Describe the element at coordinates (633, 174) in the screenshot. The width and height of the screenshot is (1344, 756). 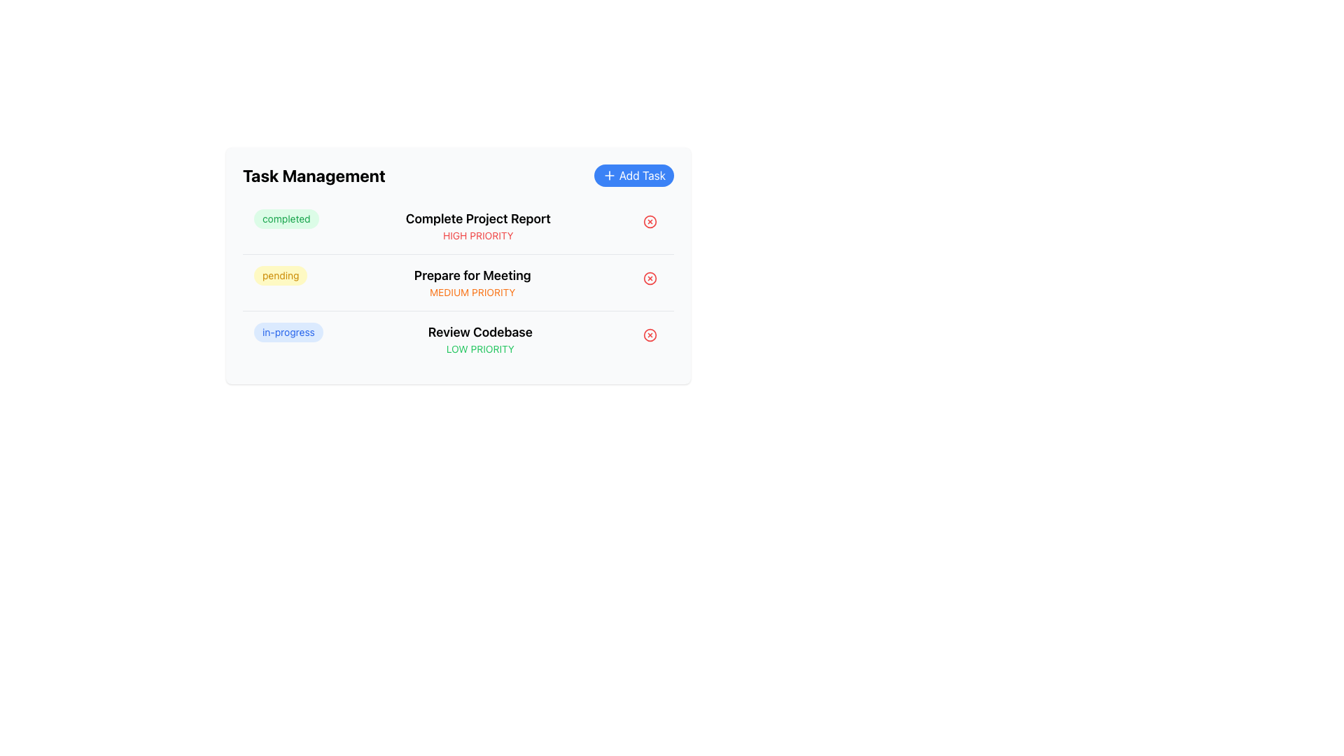
I see `the 'Add Task' button located in the upper-right corner of the task management section` at that location.